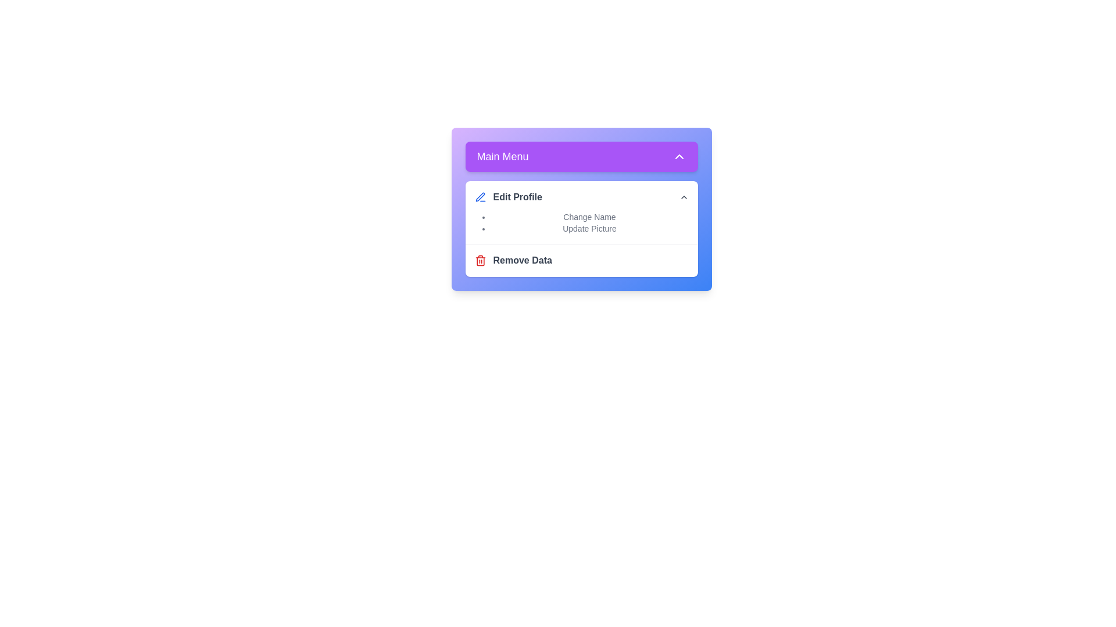  I want to click on the 'Edit Profile' button to toggle the submenu, so click(581, 196).